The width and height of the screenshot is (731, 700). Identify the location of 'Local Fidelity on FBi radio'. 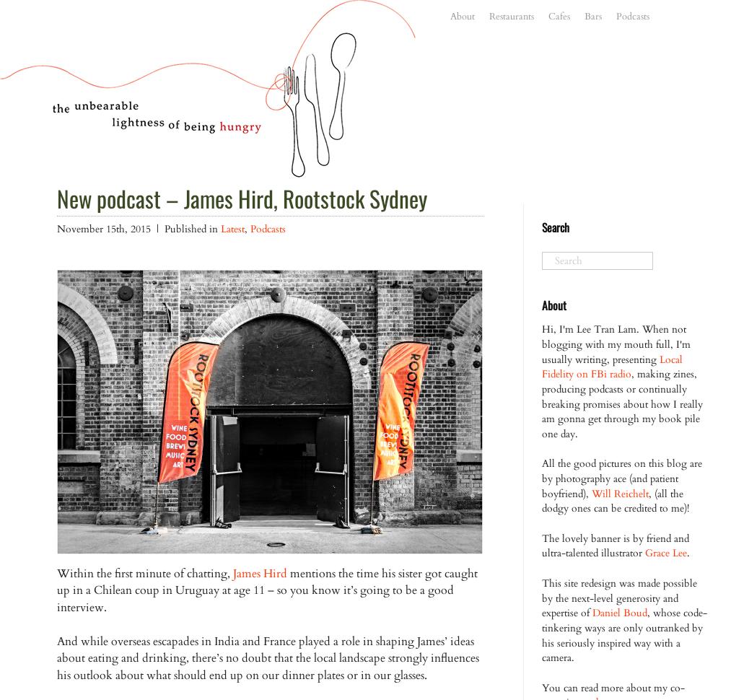
(611, 366).